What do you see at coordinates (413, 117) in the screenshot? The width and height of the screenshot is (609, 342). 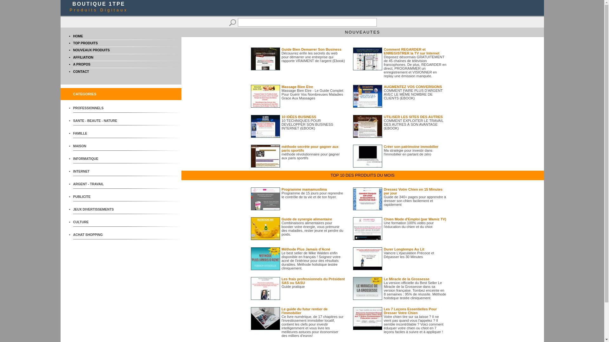 I see `'UTILISER LES SITES DES AUTRES'` at bounding box center [413, 117].